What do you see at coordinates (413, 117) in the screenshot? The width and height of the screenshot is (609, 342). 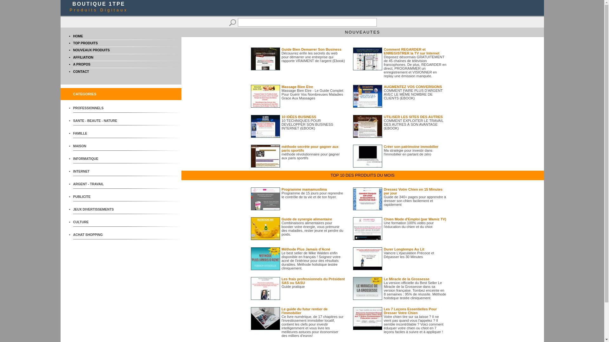 I see `'UTILISER LES SITES DES AUTRES'` at bounding box center [413, 117].